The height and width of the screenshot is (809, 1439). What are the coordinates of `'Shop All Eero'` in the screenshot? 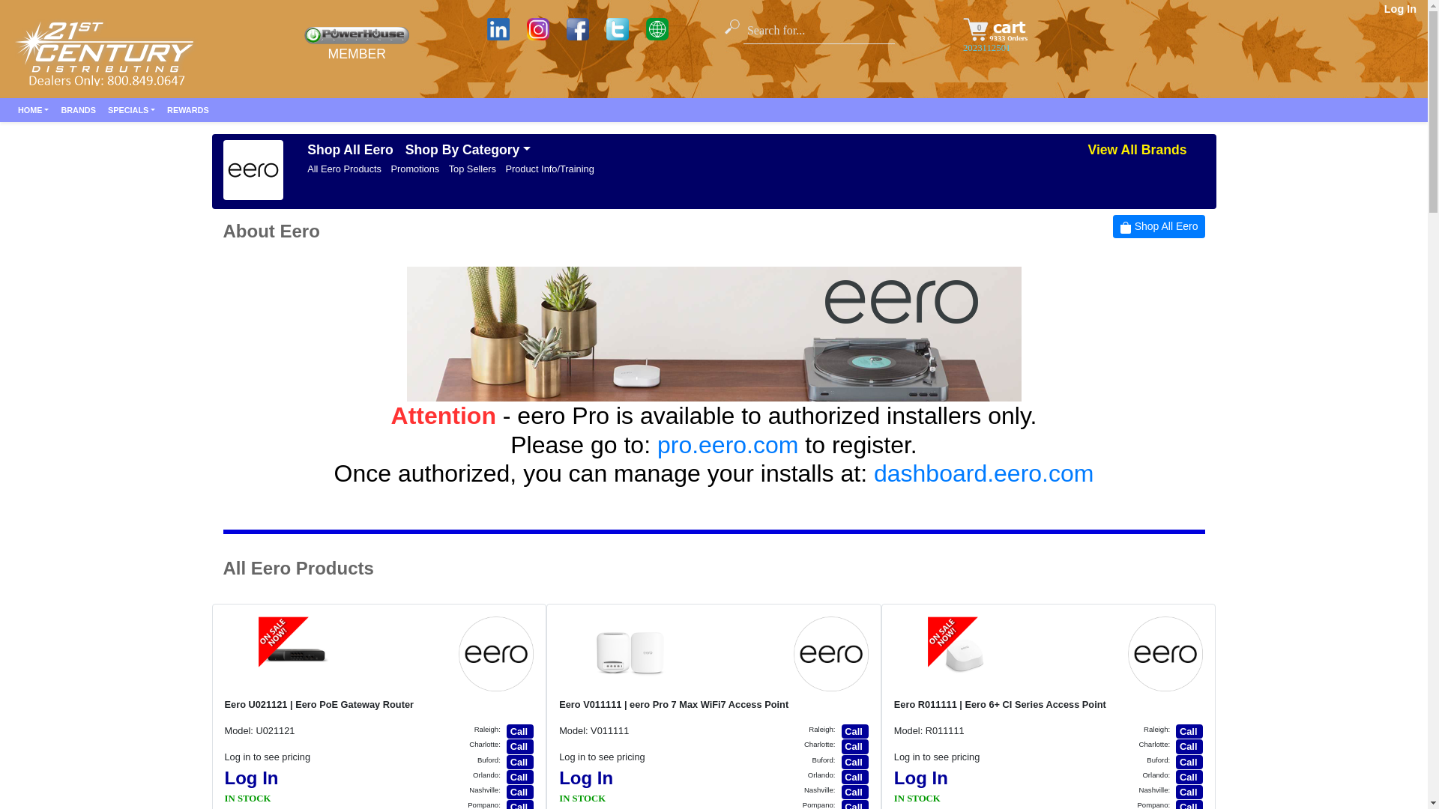 It's located at (301, 150).